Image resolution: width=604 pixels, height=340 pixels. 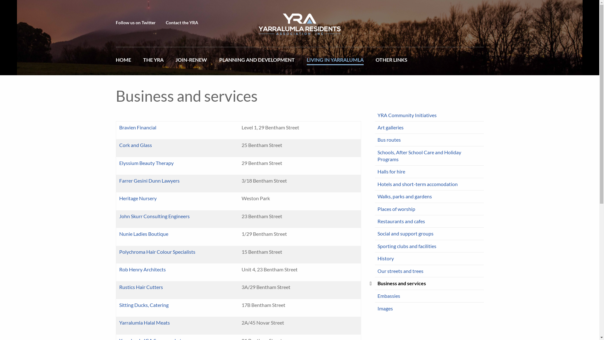 I want to click on 'Nunie Ladies Boutique', so click(x=143, y=234).